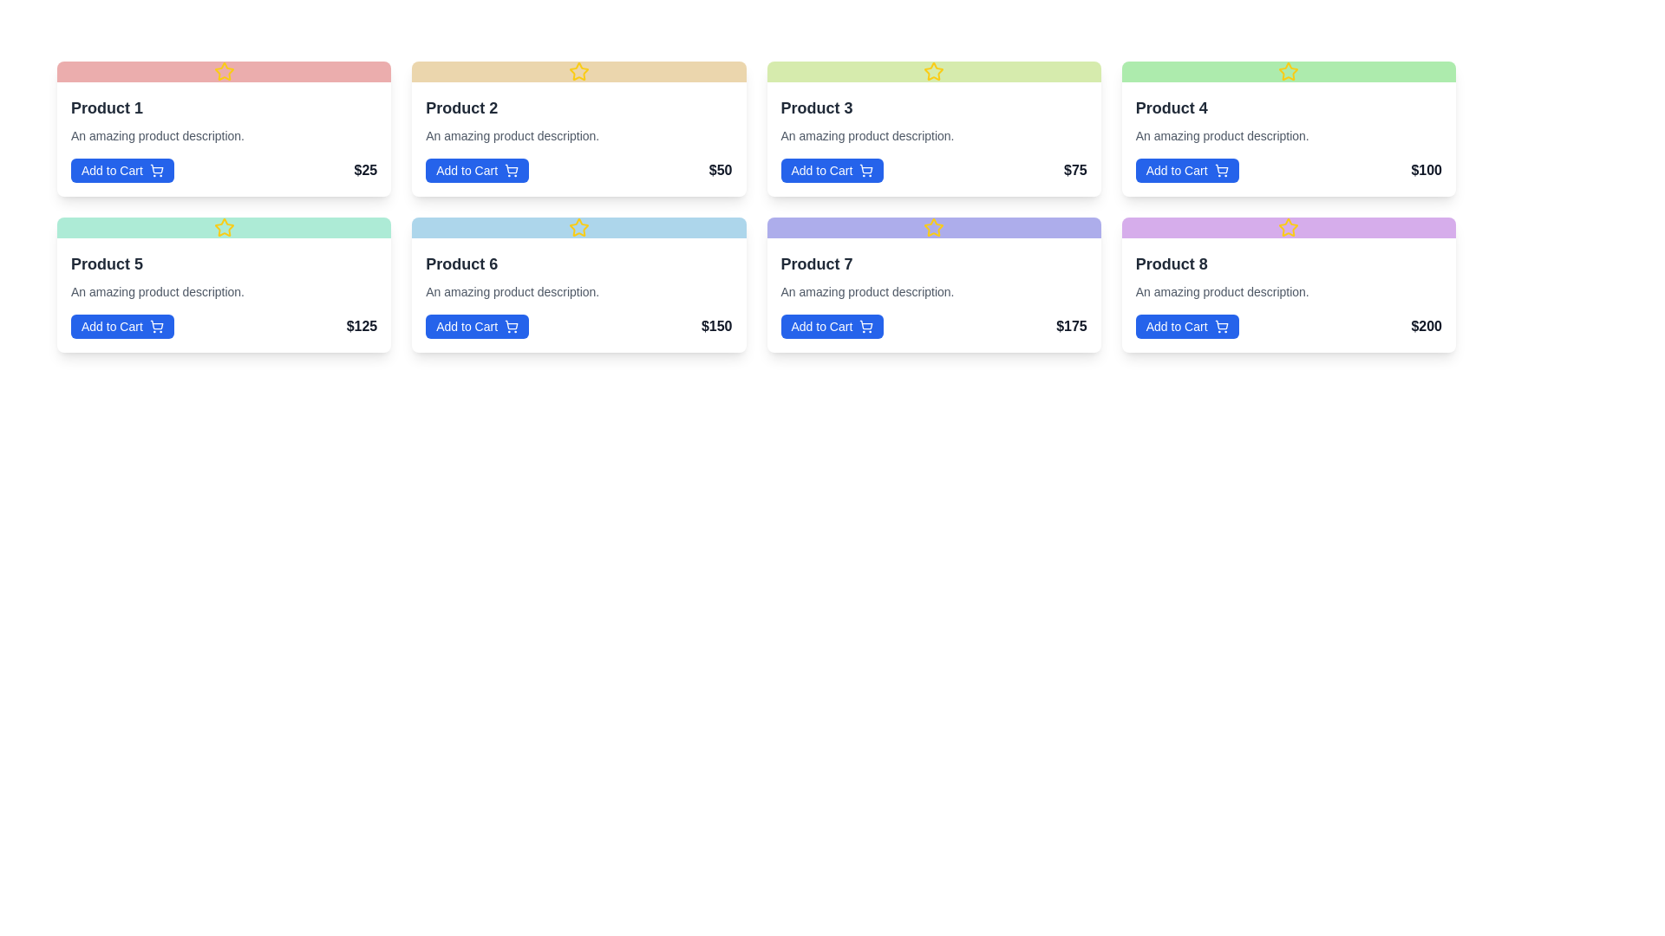  I want to click on the text block displaying 'An amazing product description.' which is located beneath the title 'Product 4' and above the 'Add to Cart' button, so click(1221, 135).